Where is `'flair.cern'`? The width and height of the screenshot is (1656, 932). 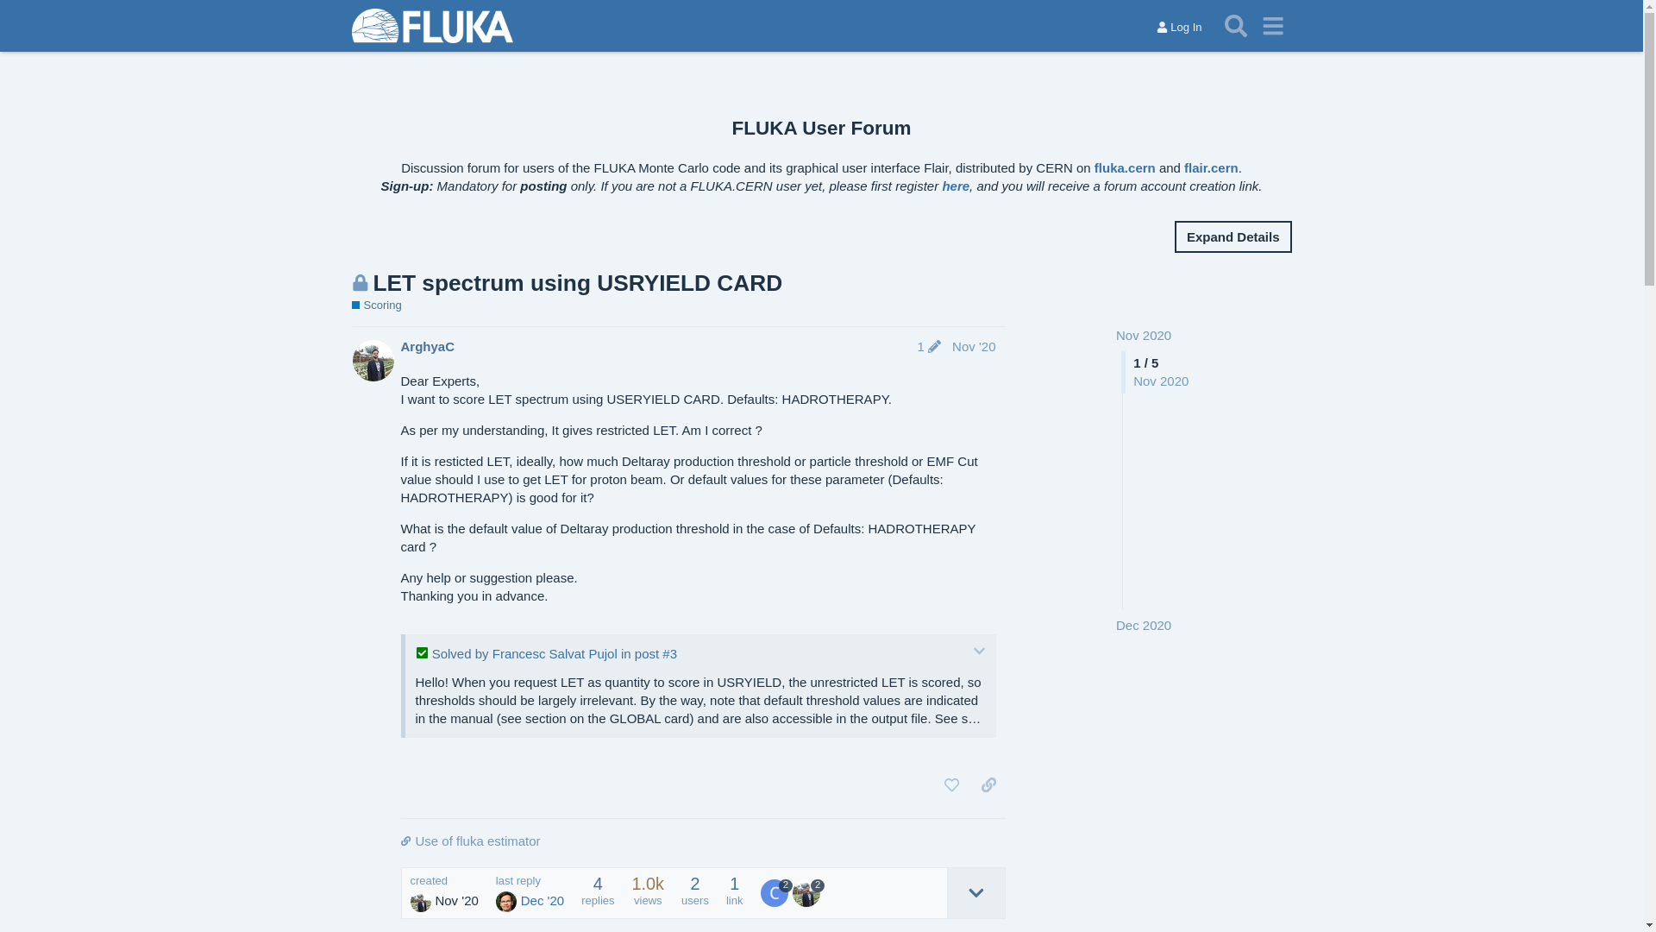 'flair.cern' is located at coordinates (1210, 167).